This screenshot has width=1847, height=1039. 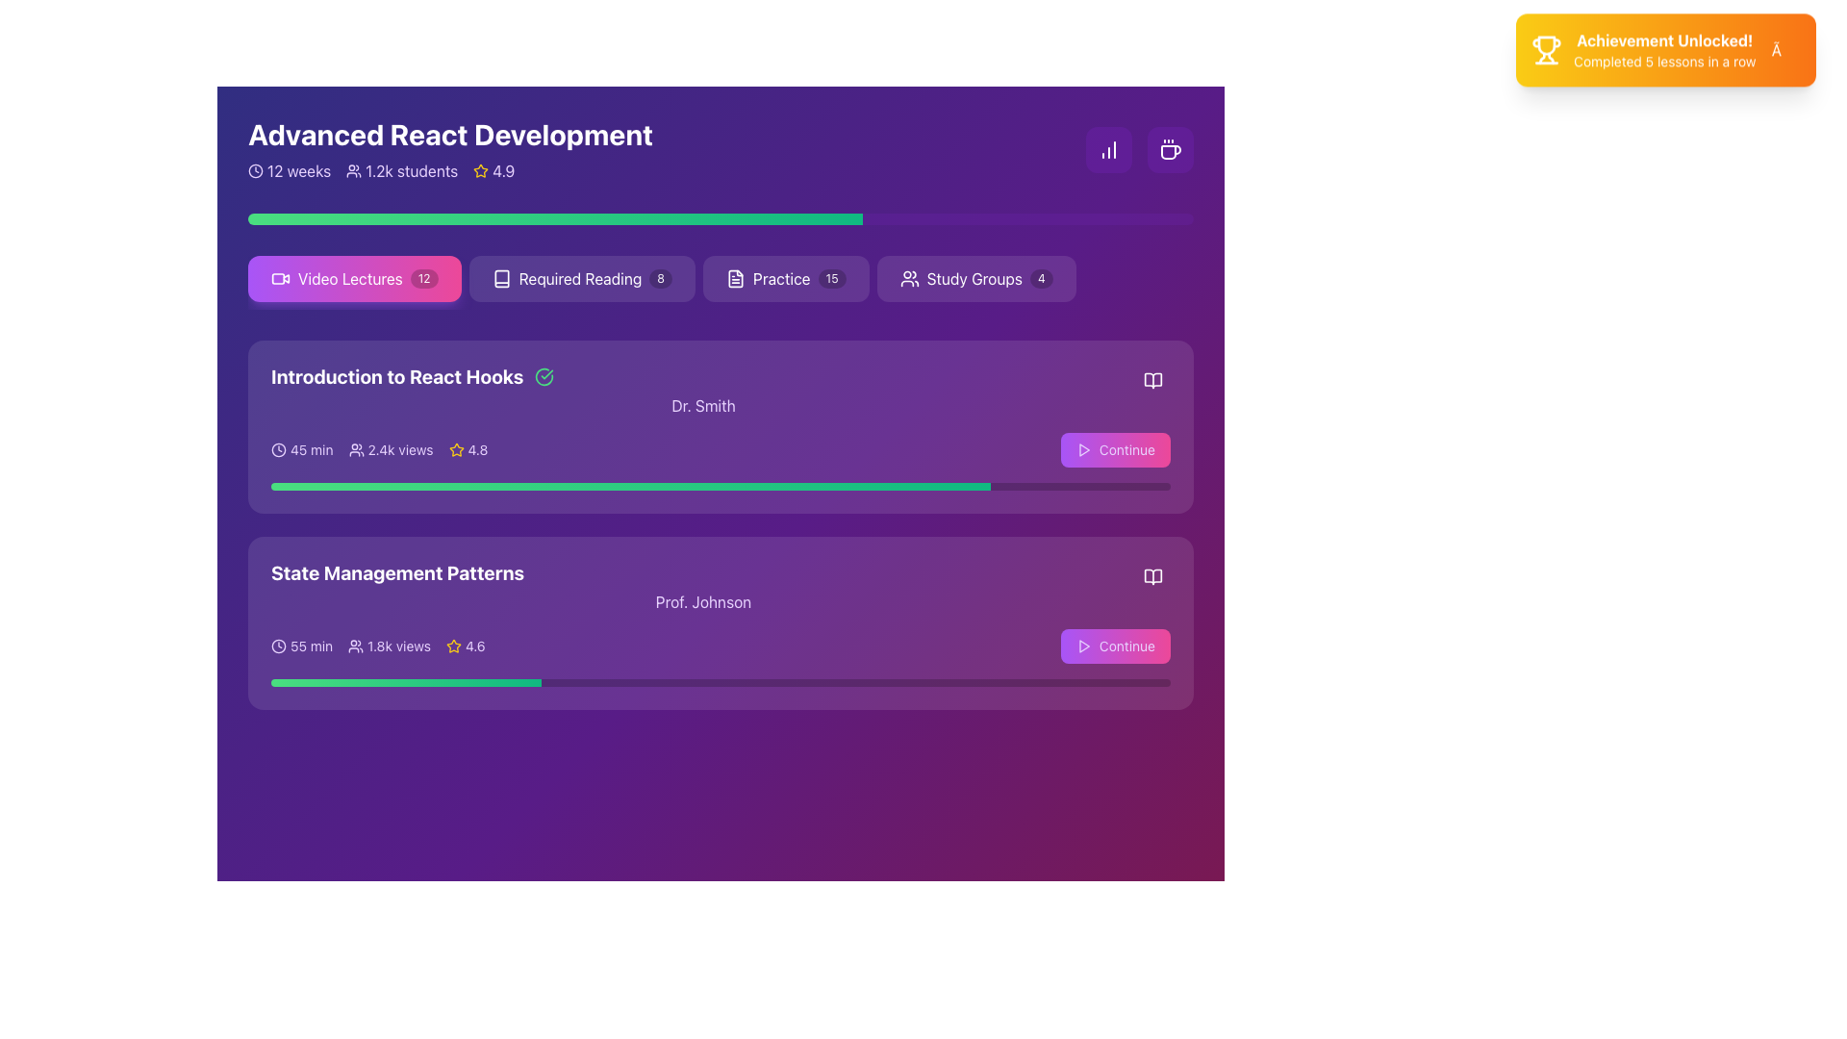 What do you see at coordinates (720, 485) in the screenshot?
I see `the progress represented in the narrow horizontal progress bar with a gradient fill from green to emerald, located within the card for 'Introduction to React Hooks', positioned below 'Dr. Smith'` at bounding box center [720, 485].